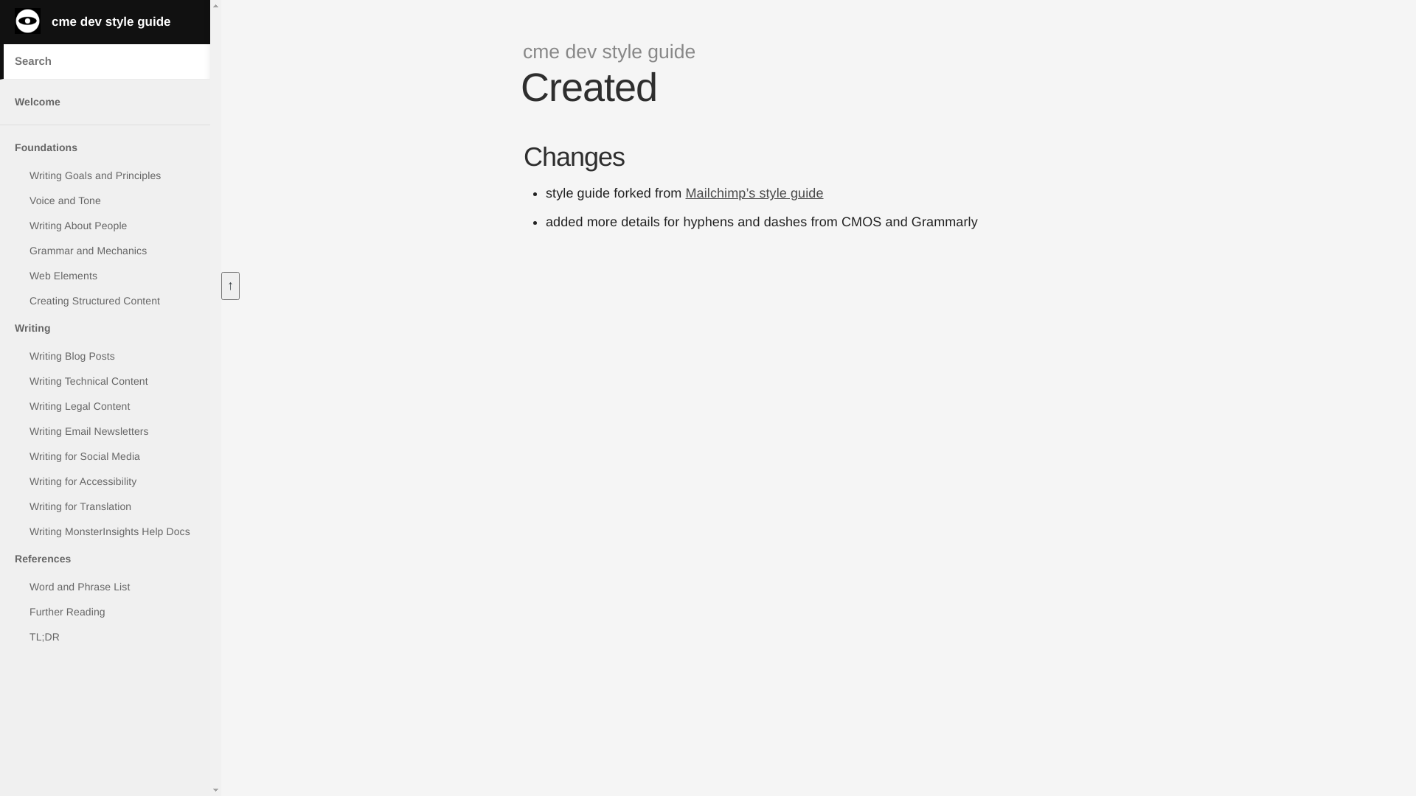 This screenshot has height=796, width=1416. Describe the element at coordinates (104, 380) in the screenshot. I see `'Writing Technical Content'` at that location.